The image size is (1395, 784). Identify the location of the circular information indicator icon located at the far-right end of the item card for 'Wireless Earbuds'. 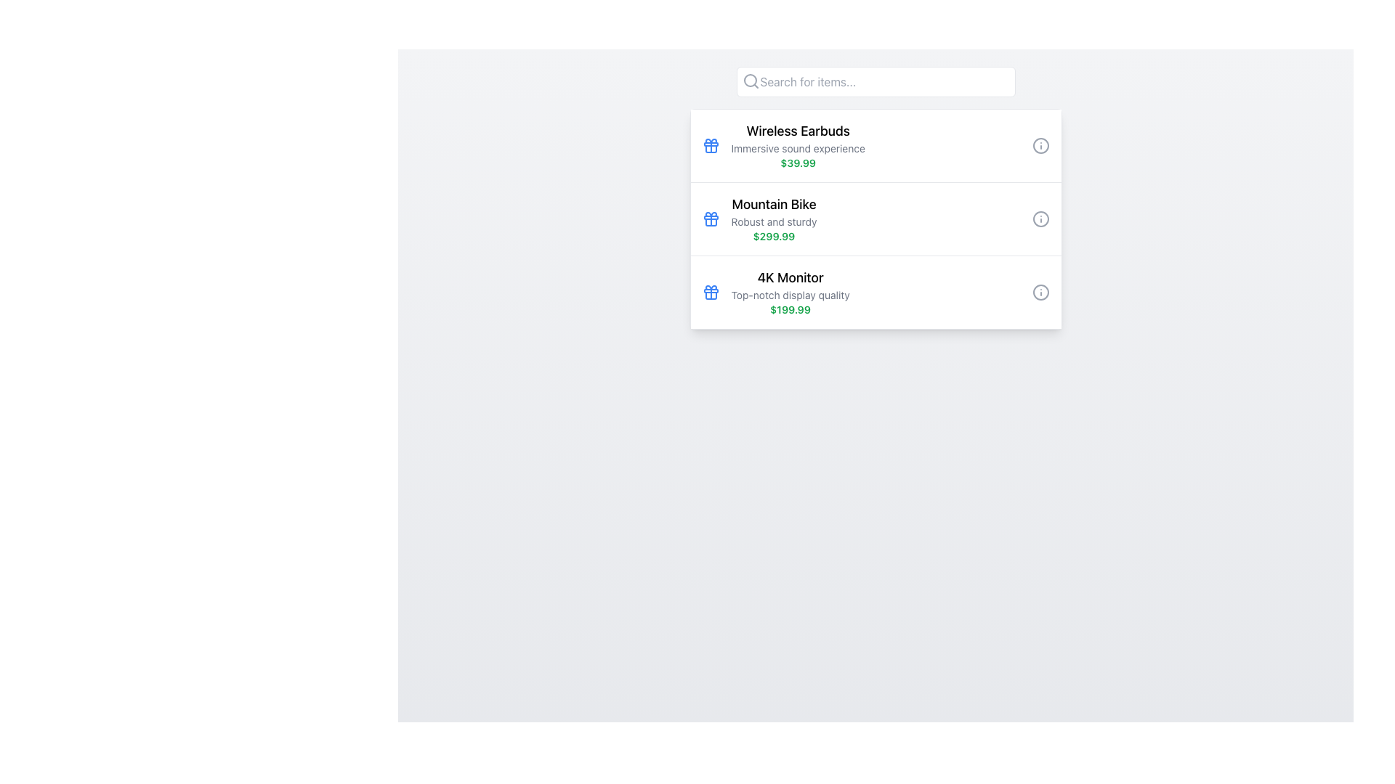
(1040, 145).